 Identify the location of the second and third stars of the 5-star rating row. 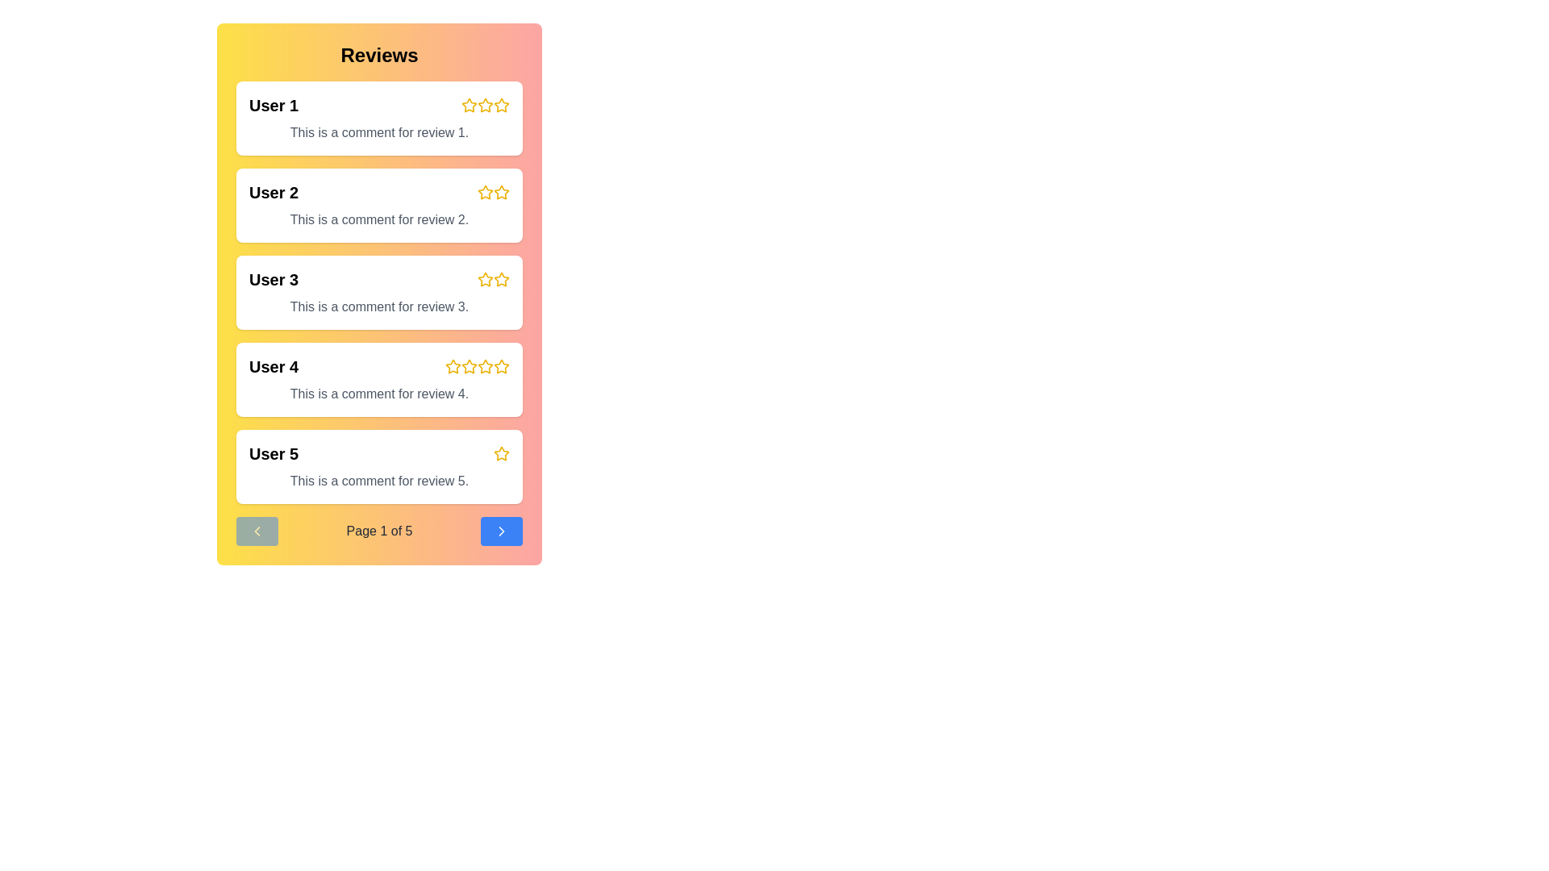
(492, 192).